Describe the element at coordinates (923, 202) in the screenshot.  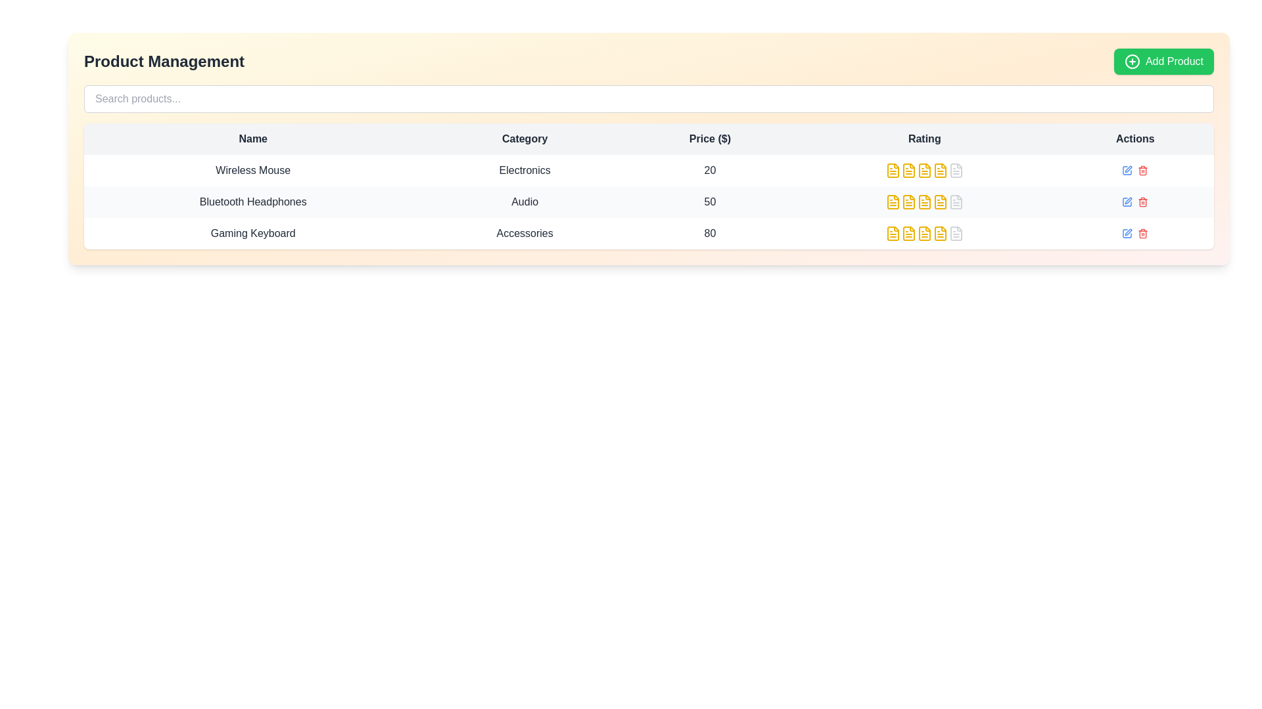
I see `the third rating icon in the 'Bluetooth Headphones' row of the table, which serves as a visual indicator for rating or reviewing` at that location.